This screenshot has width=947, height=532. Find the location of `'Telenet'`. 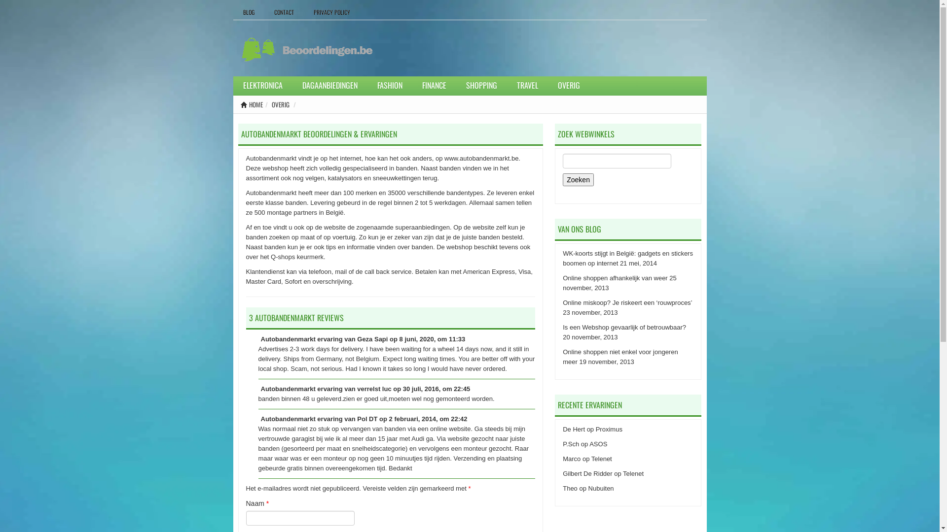

'Telenet' is located at coordinates (601, 459).